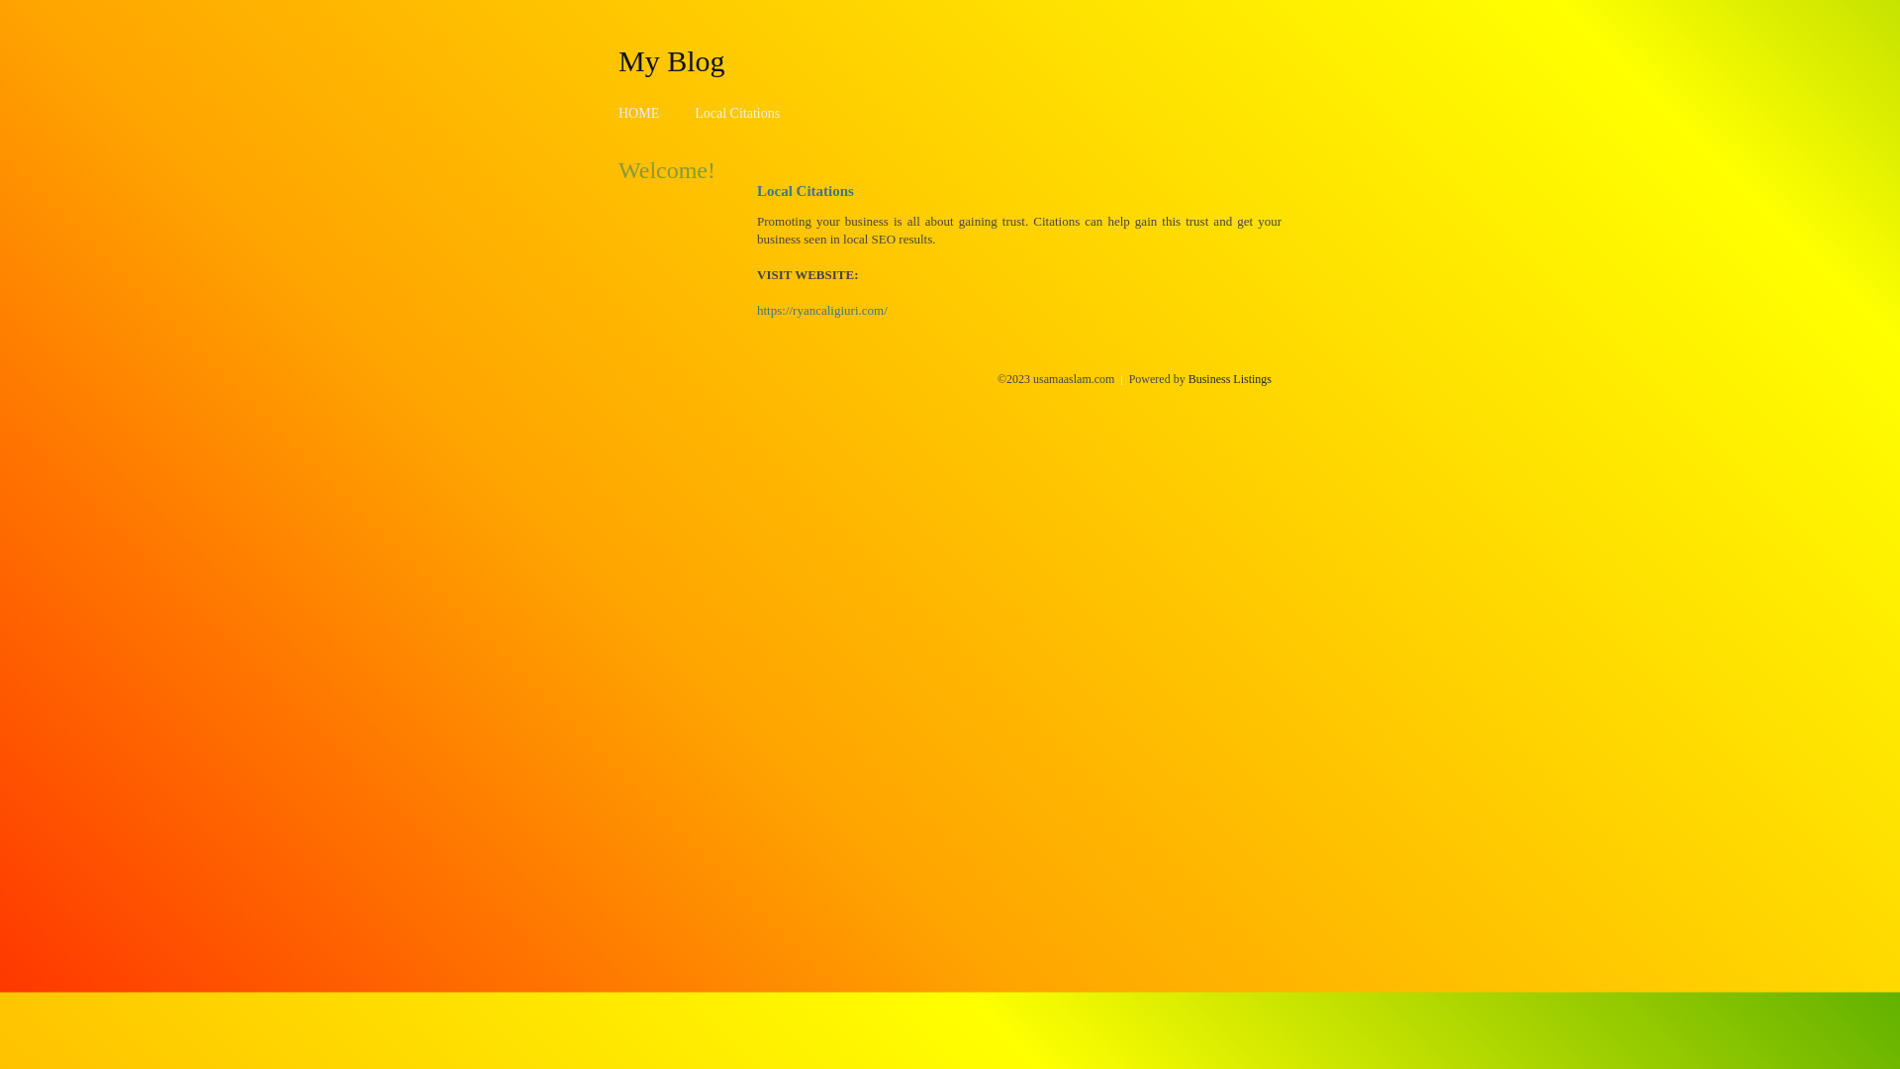 The height and width of the screenshot is (1069, 1900). I want to click on 'HOME', so click(638, 113).